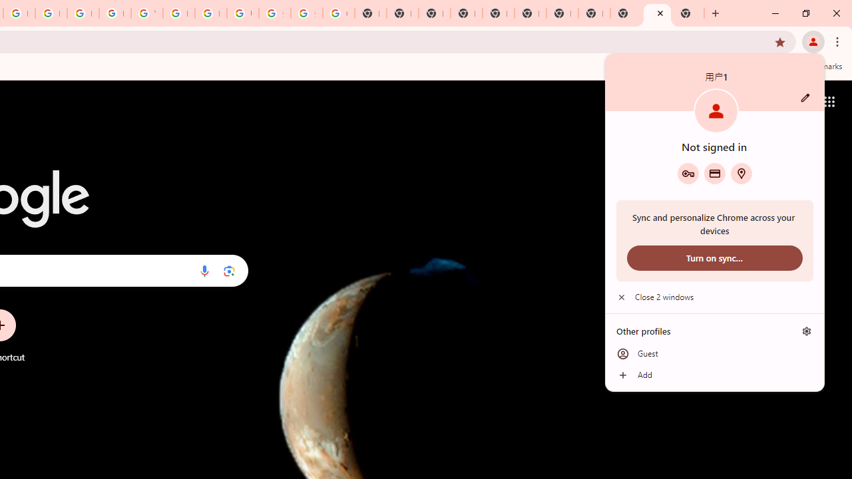 This screenshot has height=479, width=852. Describe the element at coordinates (714, 173) in the screenshot. I see `'Payment methods'` at that location.